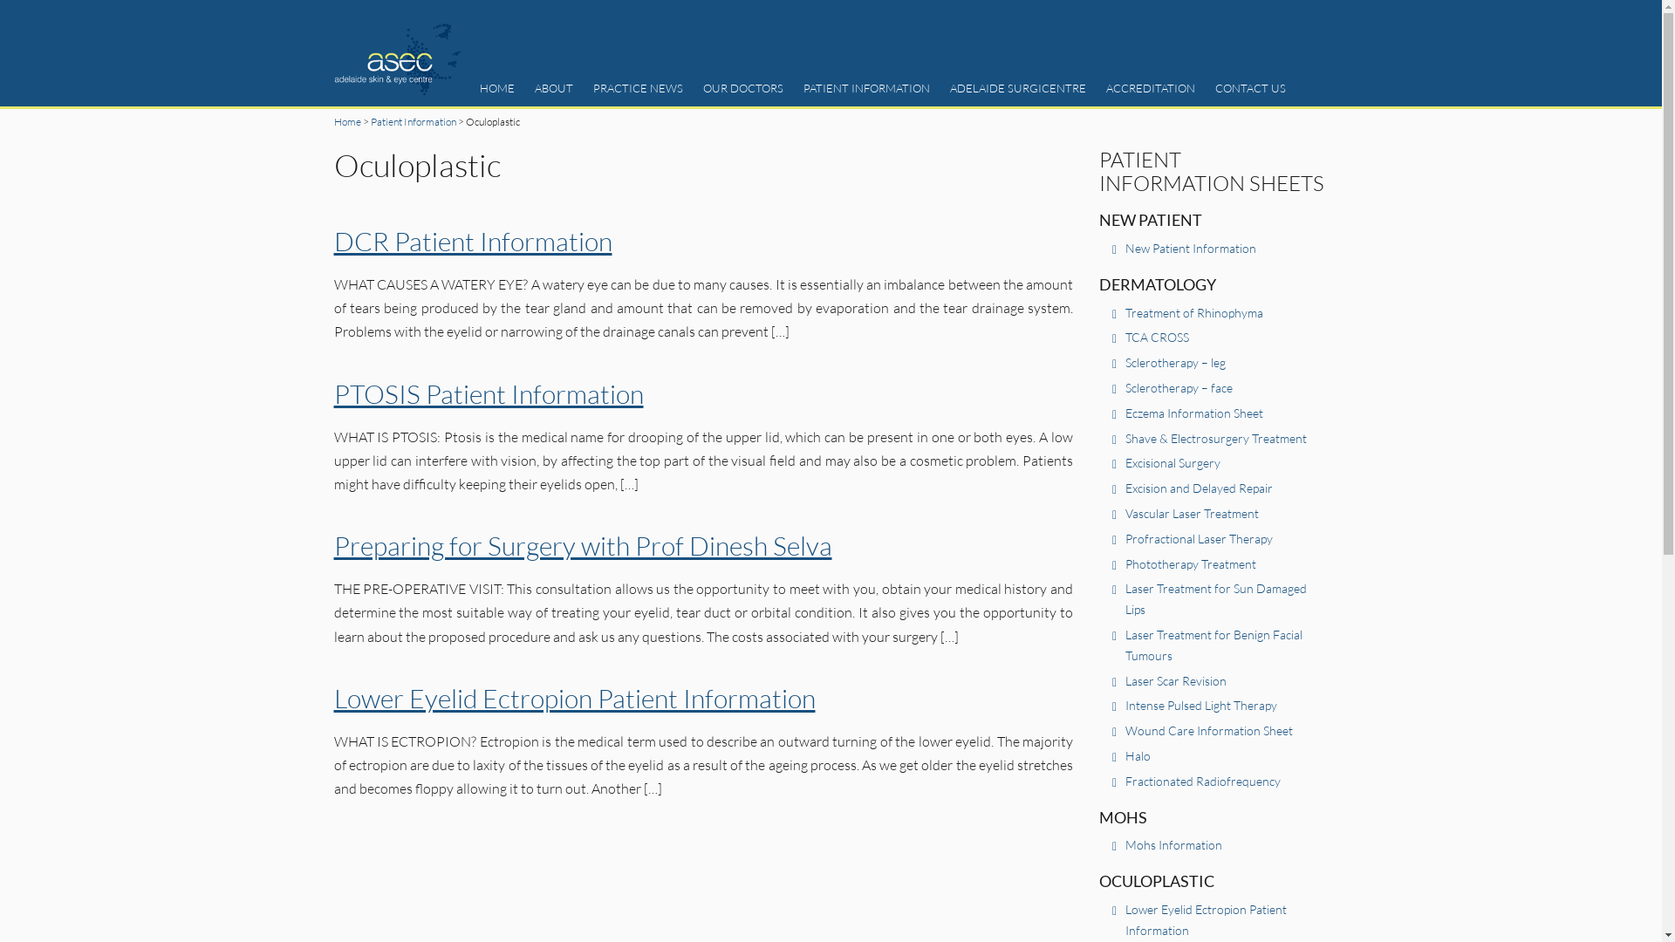 This screenshot has height=942, width=1675. I want to click on 'ACCREDITATION', so click(1151, 87).